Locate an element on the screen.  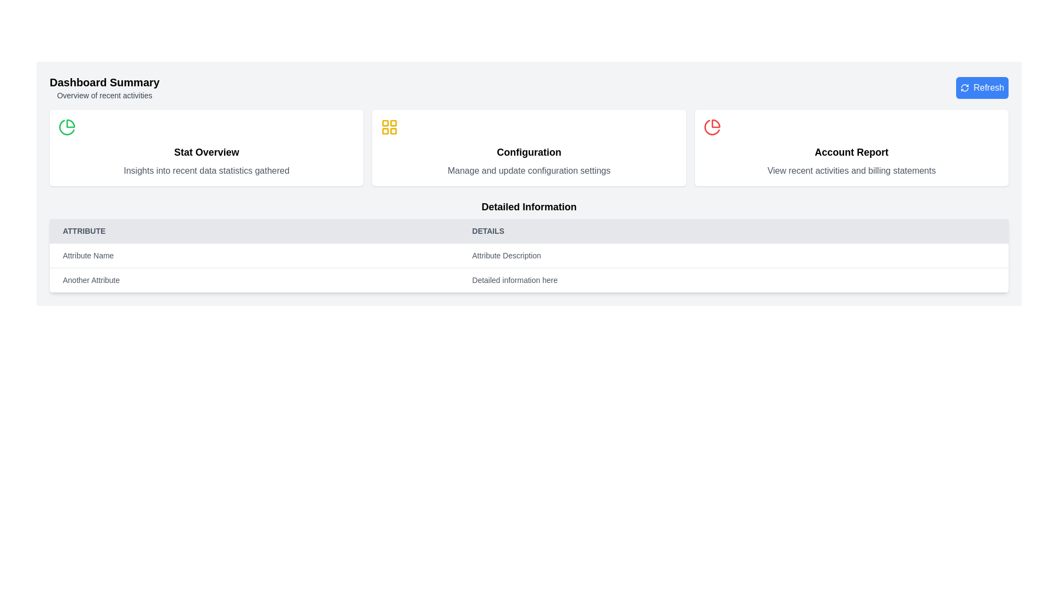
the header text label that summarizes the section's content, located at the top-left of the interface is located at coordinates (104, 81).